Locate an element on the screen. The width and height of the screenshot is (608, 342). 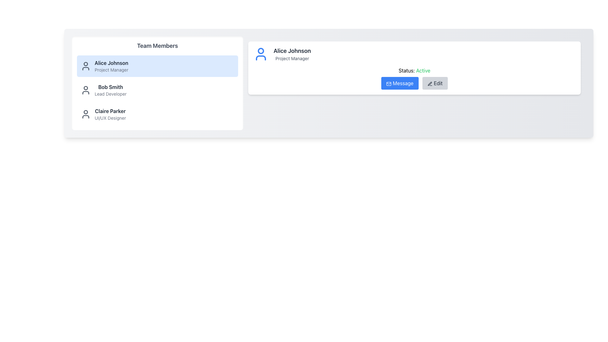
the text label indicating 'Status: Active', which is styled in green and located at the top of the user information card, above the 'Message' and 'Edit' buttons is located at coordinates (415, 71).